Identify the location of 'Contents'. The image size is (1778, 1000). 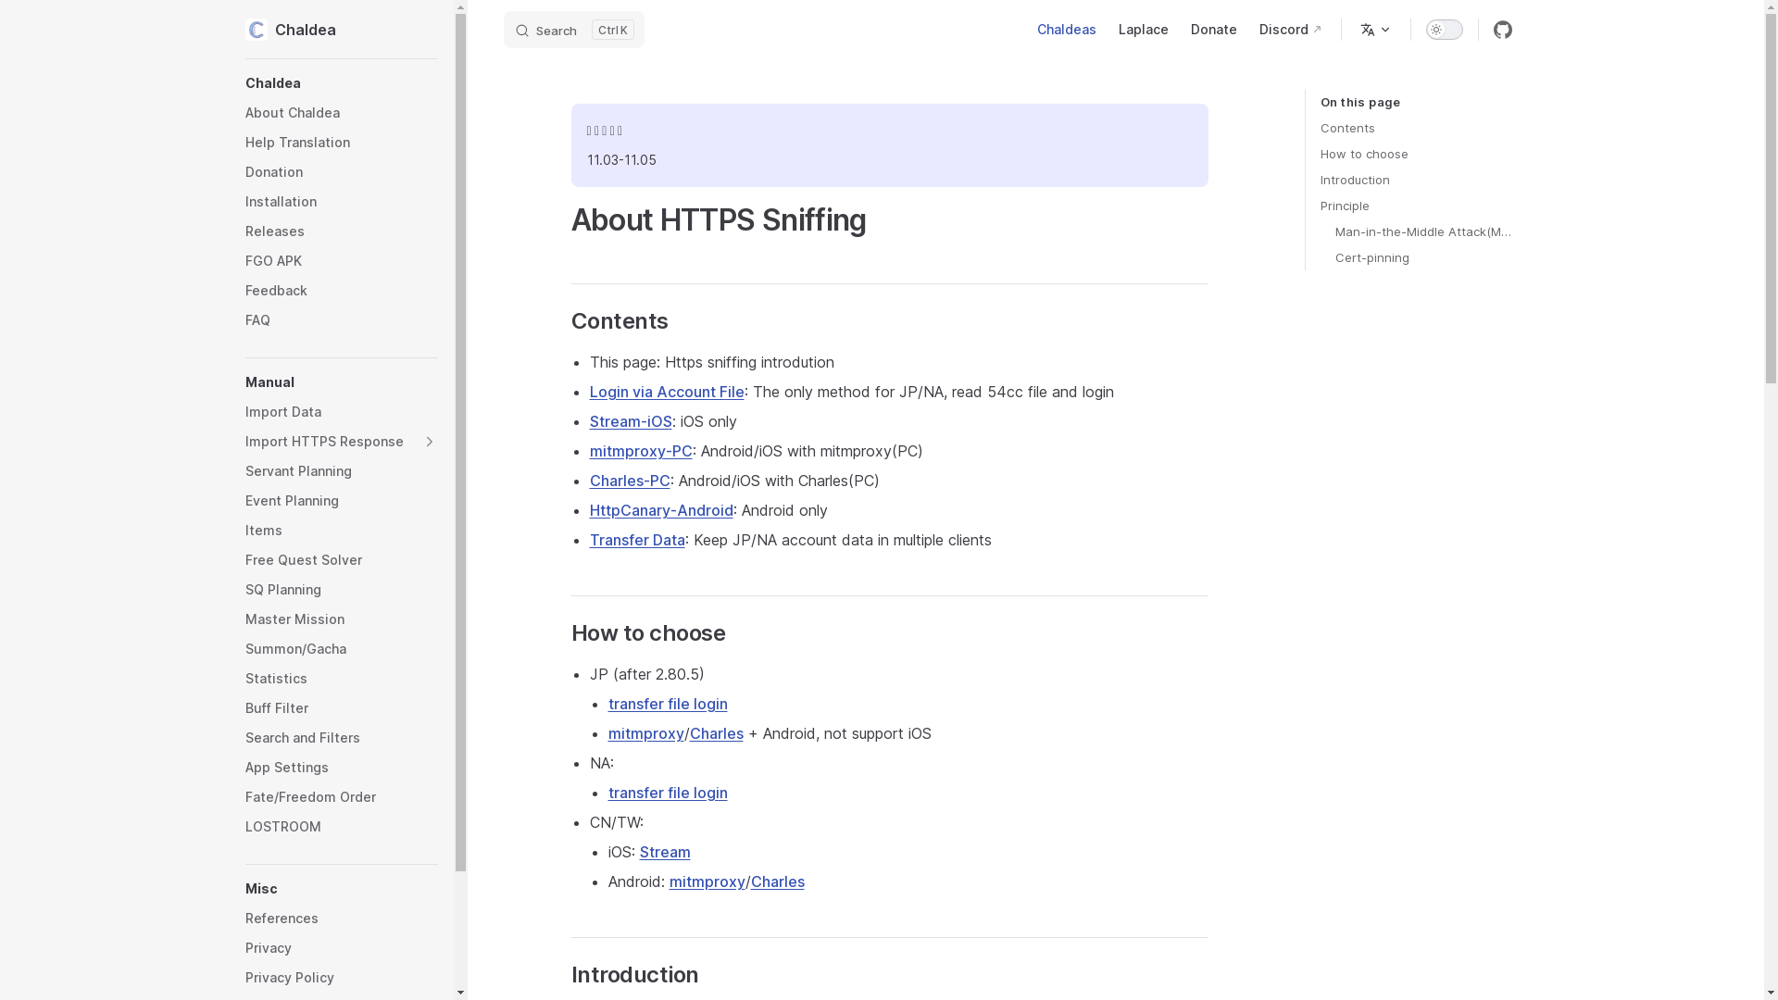
(1415, 127).